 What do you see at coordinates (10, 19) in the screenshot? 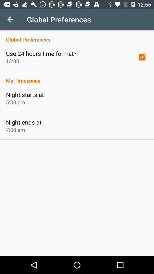
I see `icon to the left of the global preferences icon` at bounding box center [10, 19].